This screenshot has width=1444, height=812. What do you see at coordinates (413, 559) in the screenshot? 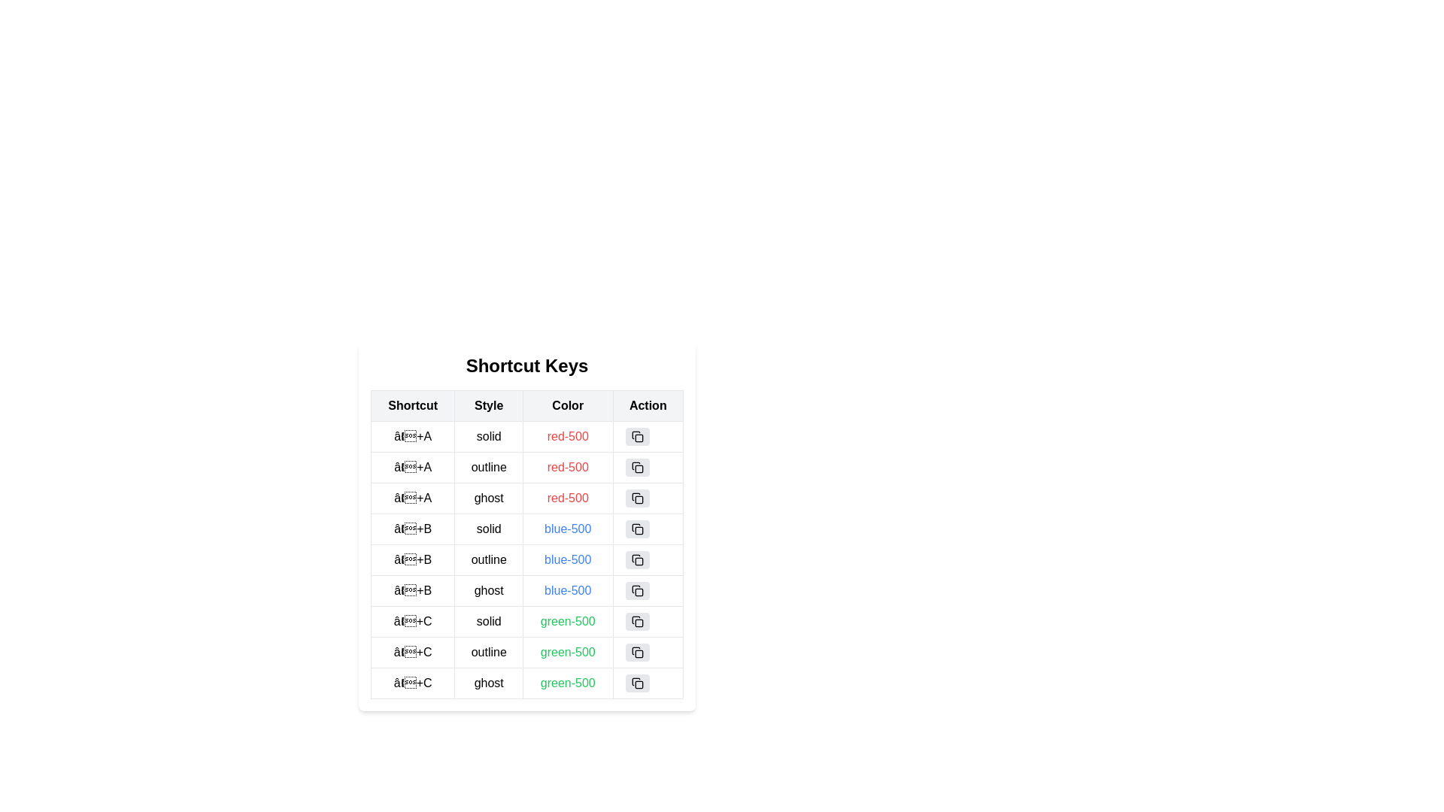
I see `text from the Text label displaying the keyboard shortcut '⌘+B', which is located in the first item of the row under the 'Shortcut' column of the table corresponding to the 'outline' style and 'blue-500' color` at bounding box center [413, 559].